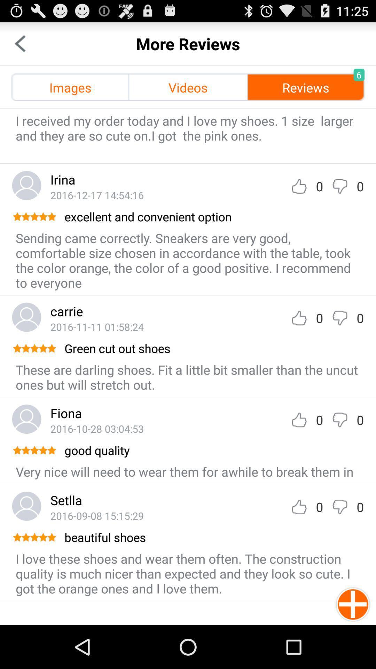  I want to click on like button, so click(299, 317).